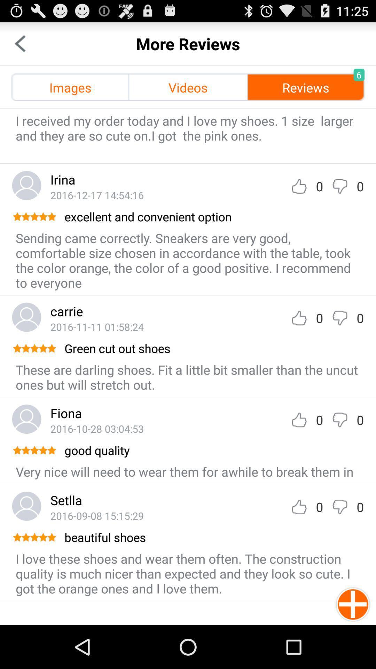  I want to click on like button, so click(299, 317).